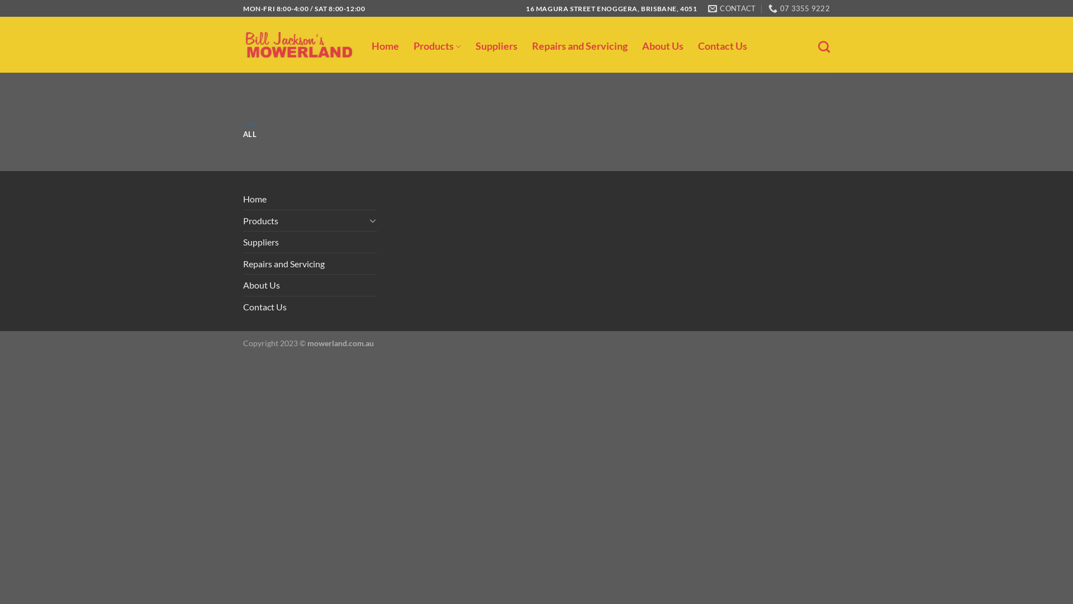  I want to click on 'About Us', so click(260, 284).